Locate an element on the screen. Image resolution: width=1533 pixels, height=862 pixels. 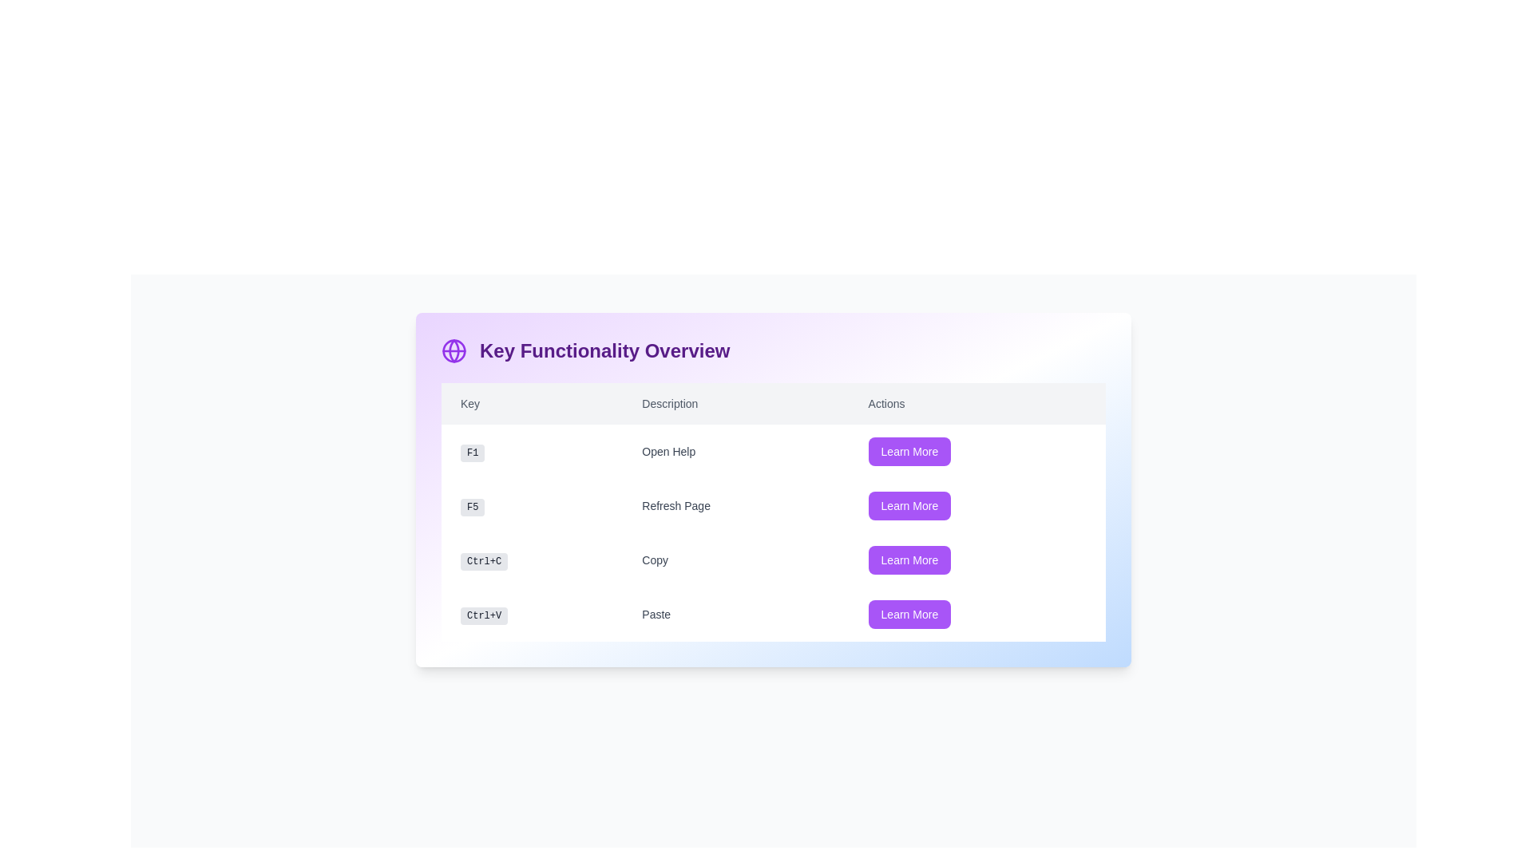
the decorative globe icon styled with a purple hue, located to the left of the title text 'Key Functionality Overview' in the header segment is located at coordinates (454, 350).